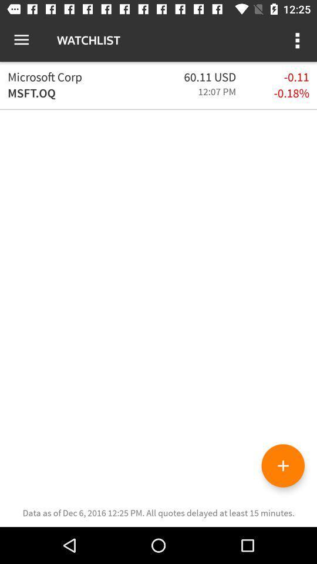 Image resolution: width=317 pixels, height=564 pixels. I want to click on icon to the left of the watchlist, so click(21, 40).